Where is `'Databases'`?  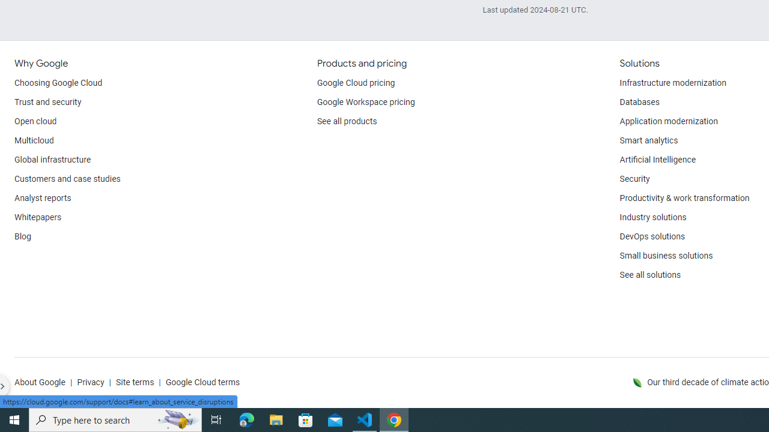 'Databases' is located at coordinates (639, 102).